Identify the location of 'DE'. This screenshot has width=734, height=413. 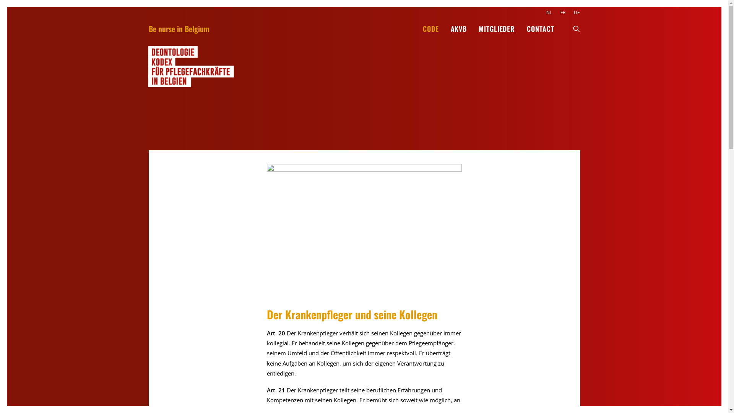
(575, 12).